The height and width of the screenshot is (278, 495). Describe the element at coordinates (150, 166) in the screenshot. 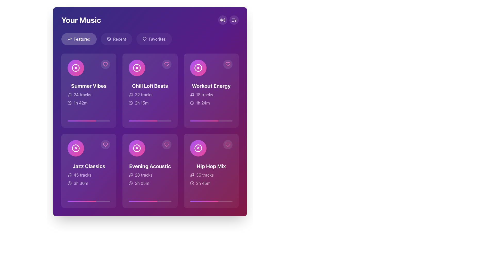

I see `the text label that serves as the title for a music playlist or category, located in the second row of items within the third card below the header 'Your Music'` at that location.